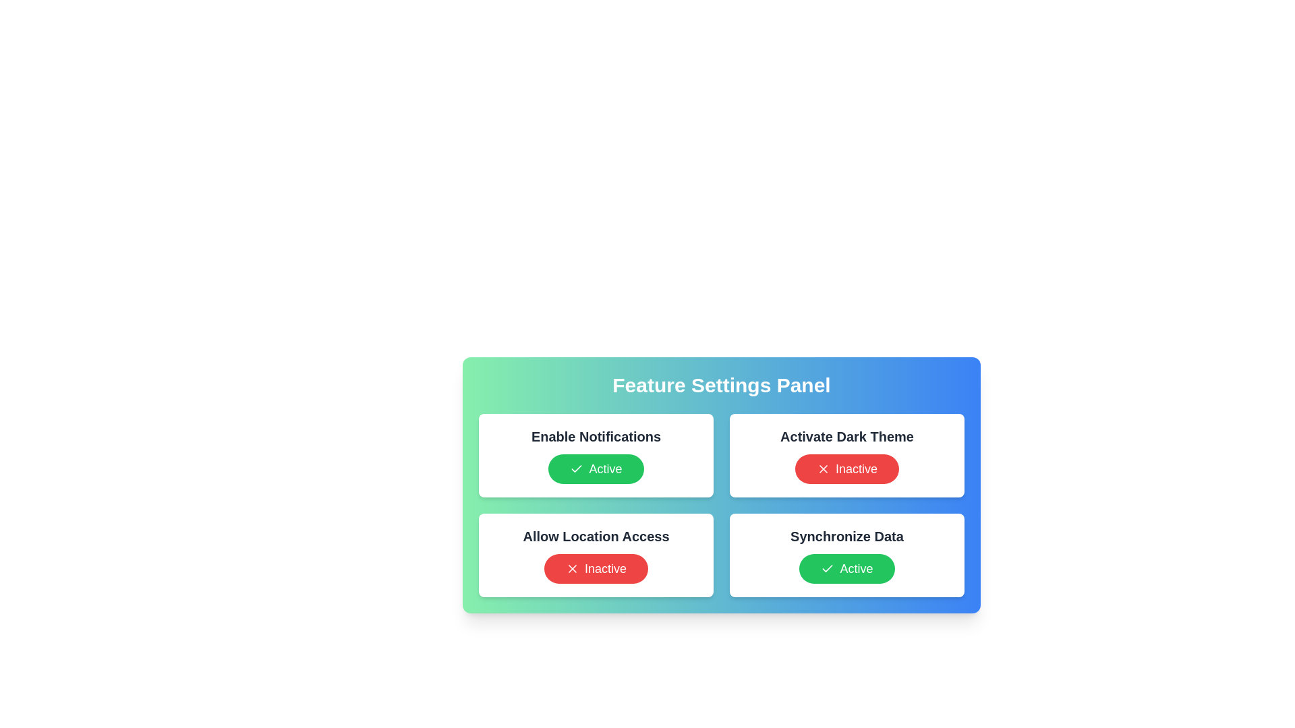 The image size is (1295, 728). I want to click on the button corresponding to Enable Notifications to toggle its state, so click(595, 468).